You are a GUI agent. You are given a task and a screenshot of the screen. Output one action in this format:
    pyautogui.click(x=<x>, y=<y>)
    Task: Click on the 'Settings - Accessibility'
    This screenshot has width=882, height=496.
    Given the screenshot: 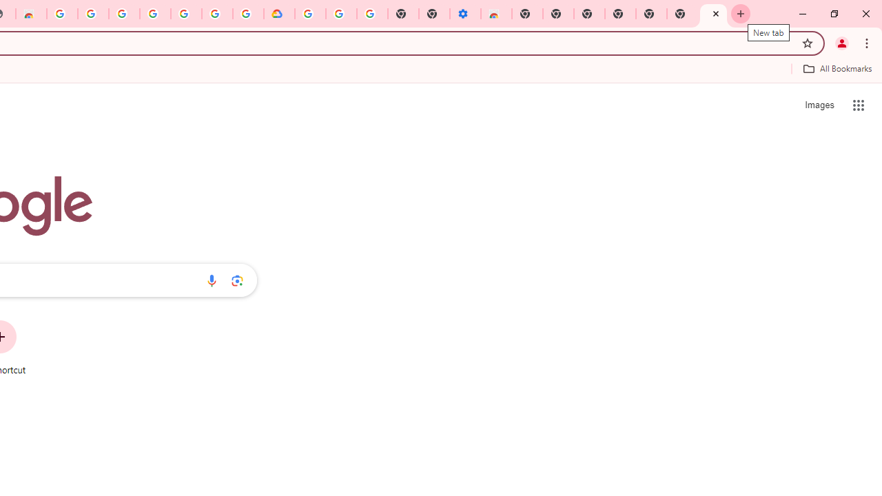 What is the action you would take?
    pyautogui.click(x=465, y=14)
    